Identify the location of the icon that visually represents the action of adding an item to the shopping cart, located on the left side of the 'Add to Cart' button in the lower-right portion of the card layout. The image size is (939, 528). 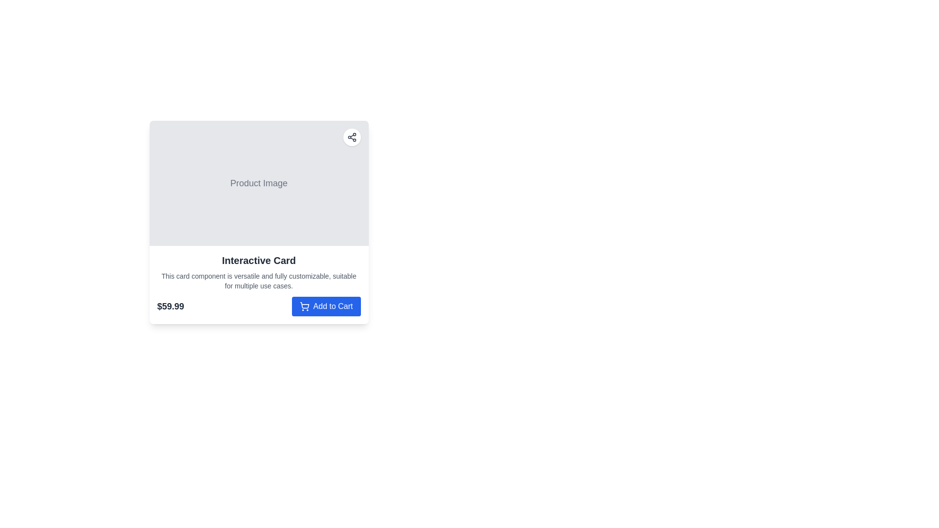
(304, 306).